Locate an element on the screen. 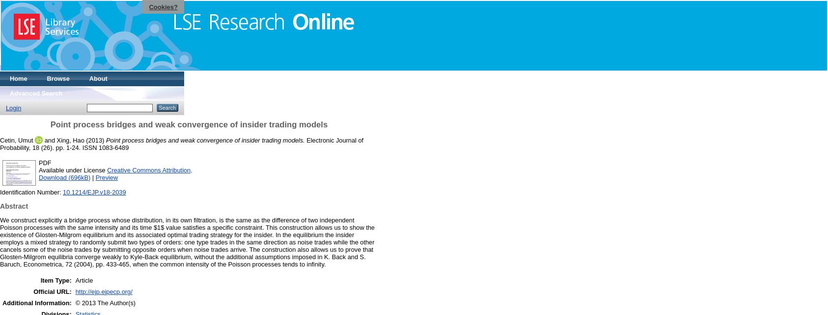 The height and width of the screenshot is (315, 828). 'Browse' is located at coordinates (57, 78).